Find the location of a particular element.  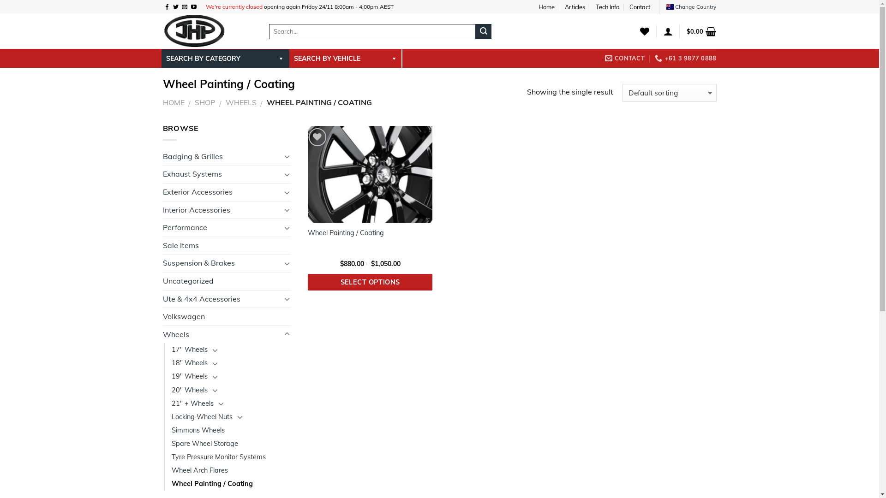

'Wheel Arch Flares' is located at coordinates (172, 470).